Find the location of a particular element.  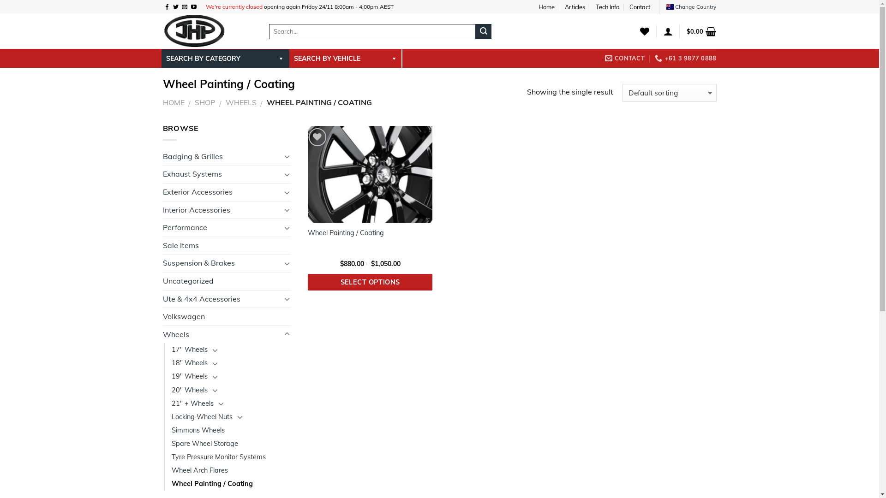

'Wheel Arch Flares' is located at coordinates (172, 470).